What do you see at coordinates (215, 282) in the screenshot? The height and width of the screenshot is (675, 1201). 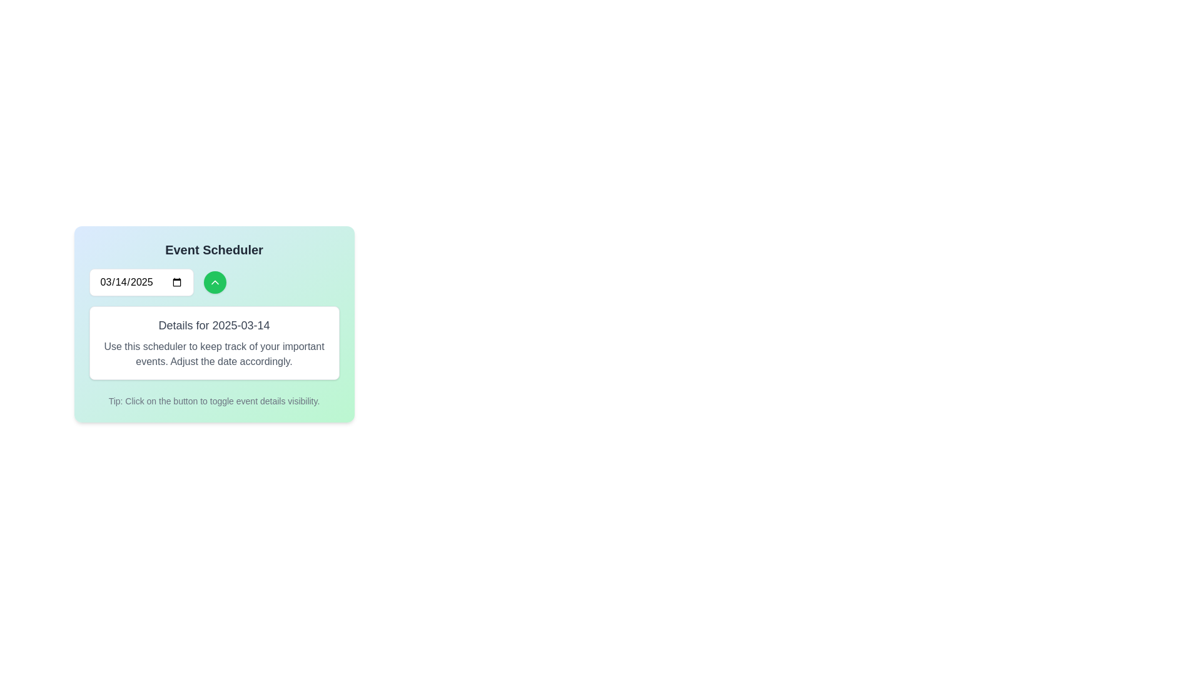 I see `the upward chevron icon located within a green circular button in the top-right section of the event card, next to the date selector input field` at bounding box center [215, 282].